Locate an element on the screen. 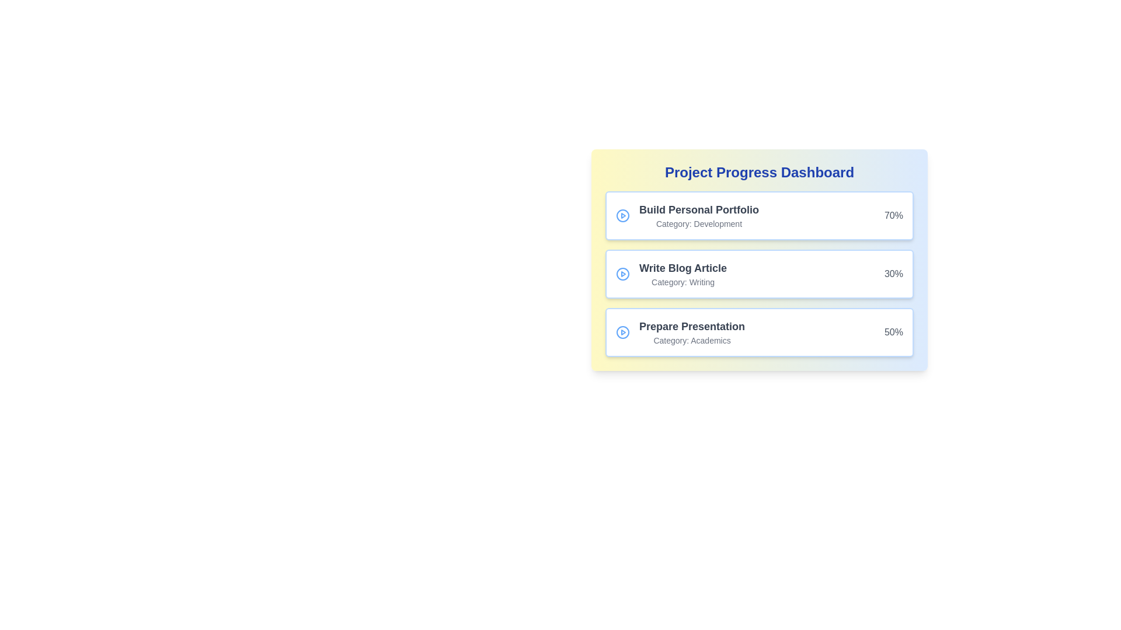  the circular blue icon with a triangular play symbol is located at coordinates (622, 332).